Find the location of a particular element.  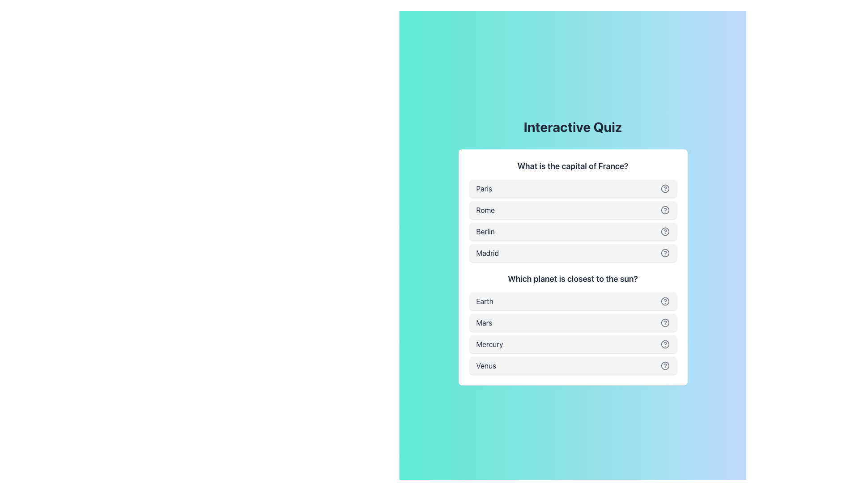

the second answer choice button for the multiple-choice question 'What is the capital of France?' is located at coordinates (573, 211).